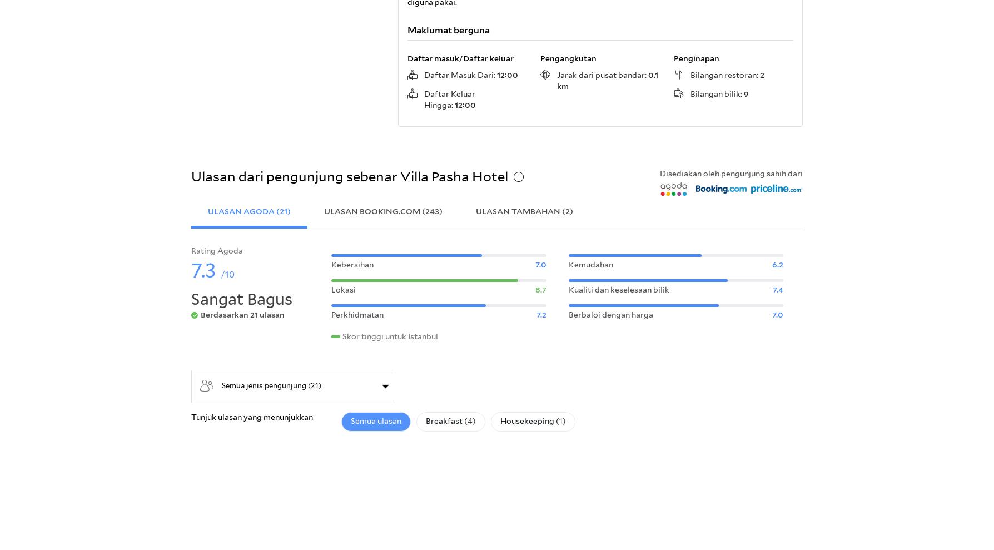  What do you see at coordinates (540, 289) in the screenshot?
I see `'8.7'` at bounding box center [540, 289].